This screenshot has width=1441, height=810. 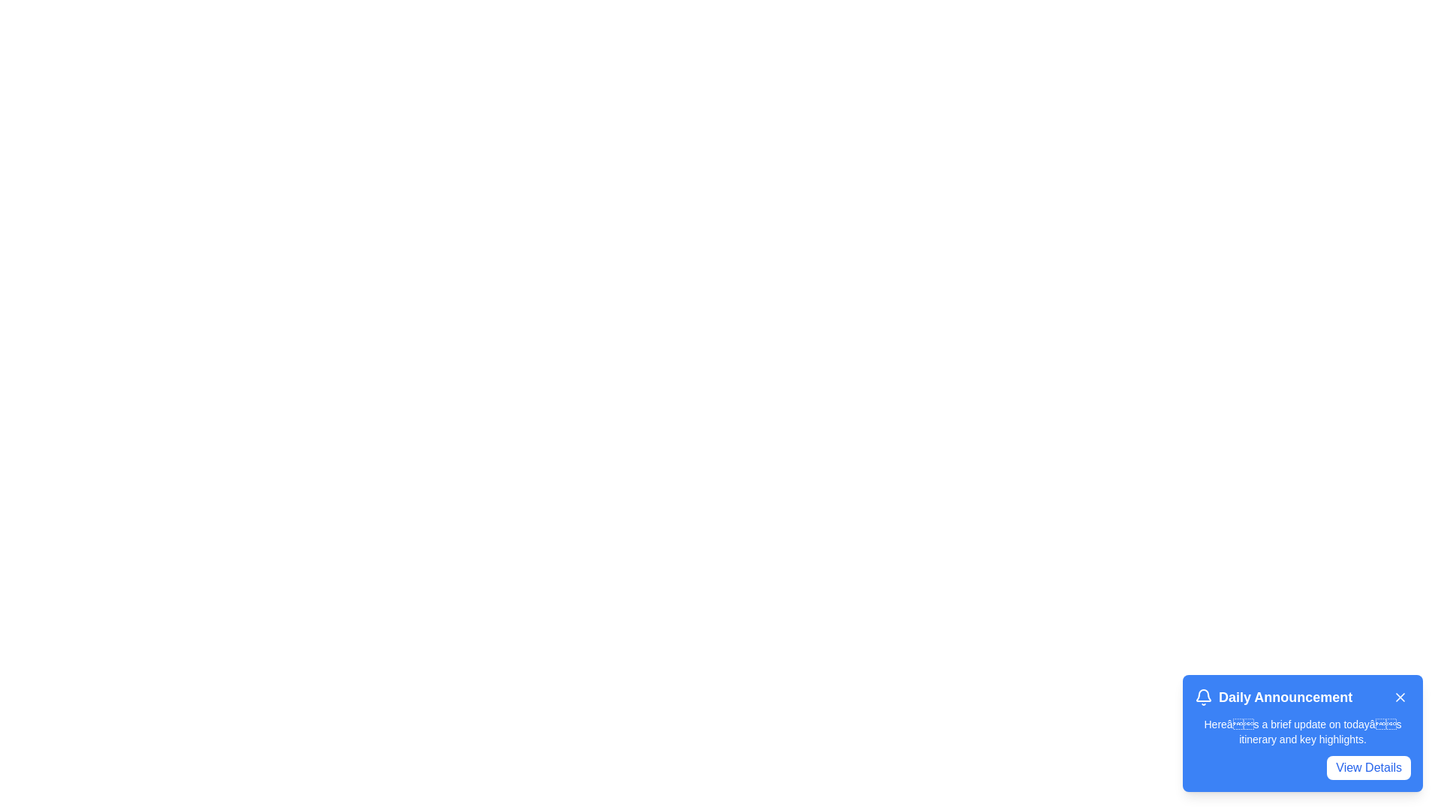 I want to click on the 'View Details' button in the AnnouncementSnackbar component, so click(x=1369, y=767).